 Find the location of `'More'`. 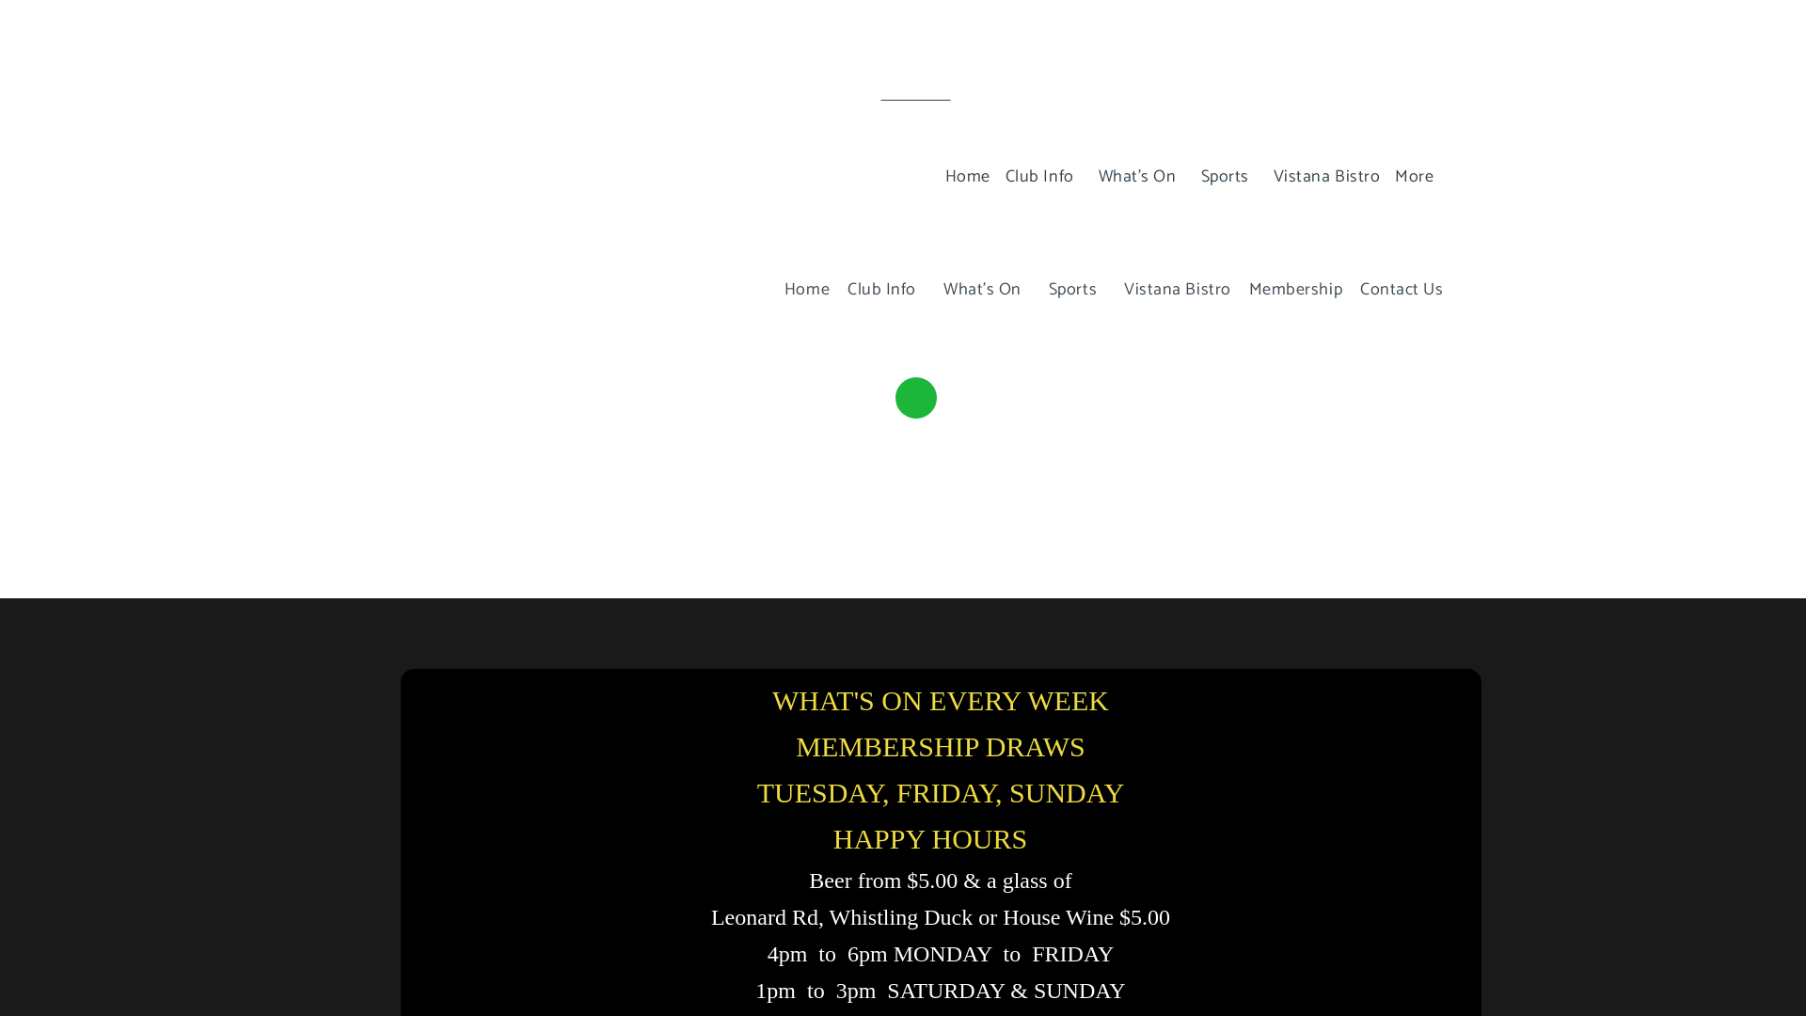

'More' is located at coordinates (1411, 177).